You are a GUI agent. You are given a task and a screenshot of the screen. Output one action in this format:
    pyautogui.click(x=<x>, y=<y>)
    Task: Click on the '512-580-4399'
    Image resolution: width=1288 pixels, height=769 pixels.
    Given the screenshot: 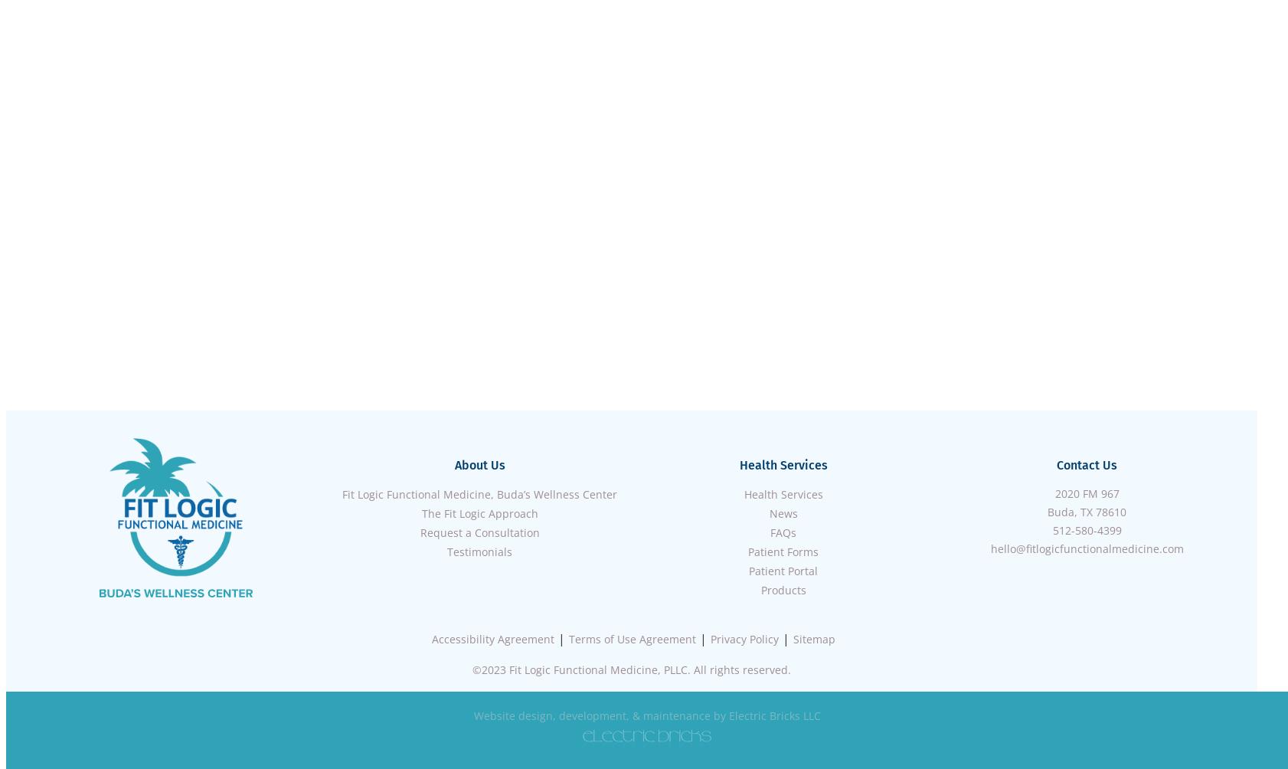 What is the action you would take?
    pyautogui.click(x=1052, y=529)
    